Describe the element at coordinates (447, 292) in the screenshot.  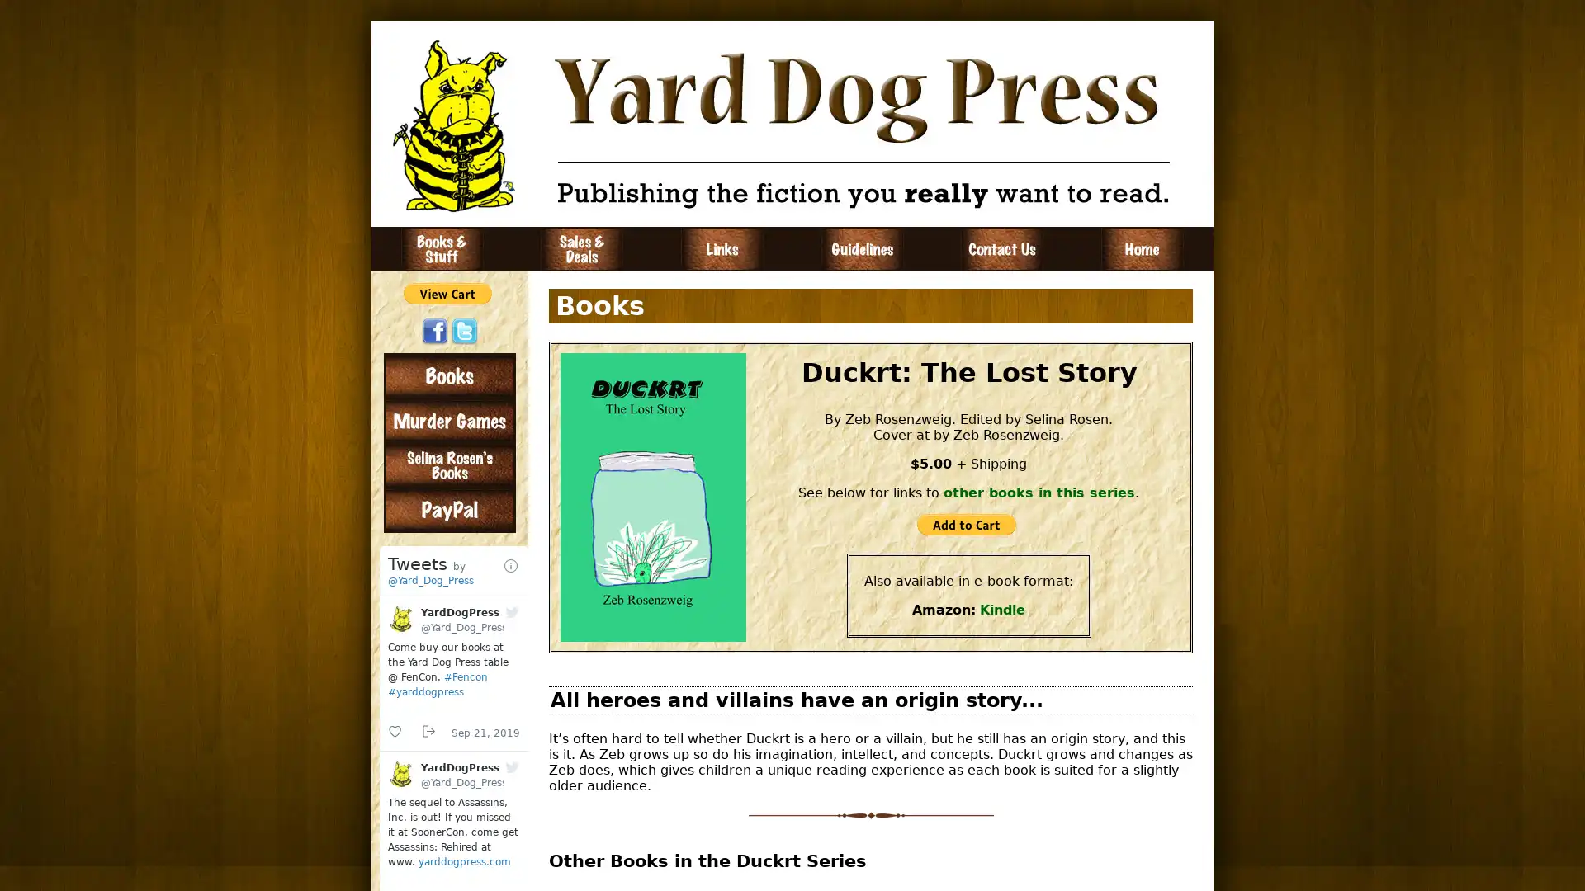
I see `PayPal - The safer, easier way to pay online` at that location.